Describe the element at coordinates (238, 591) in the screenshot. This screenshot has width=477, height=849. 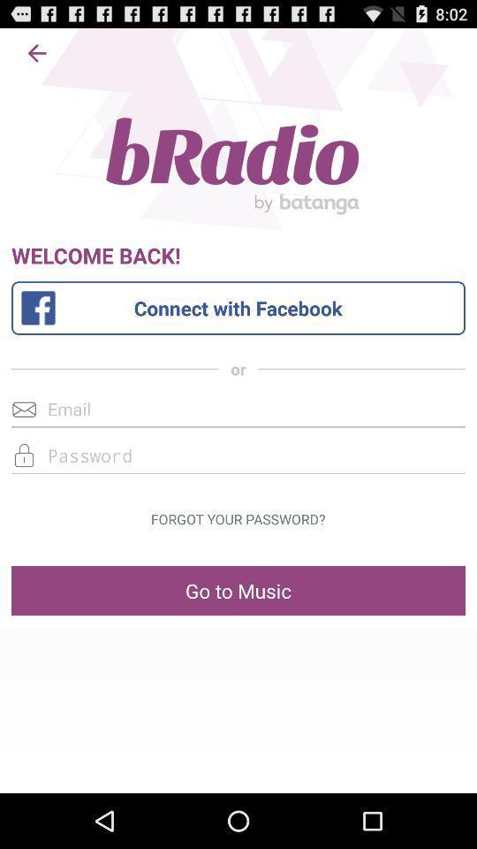
I see `go to music at the bottom` at that location.